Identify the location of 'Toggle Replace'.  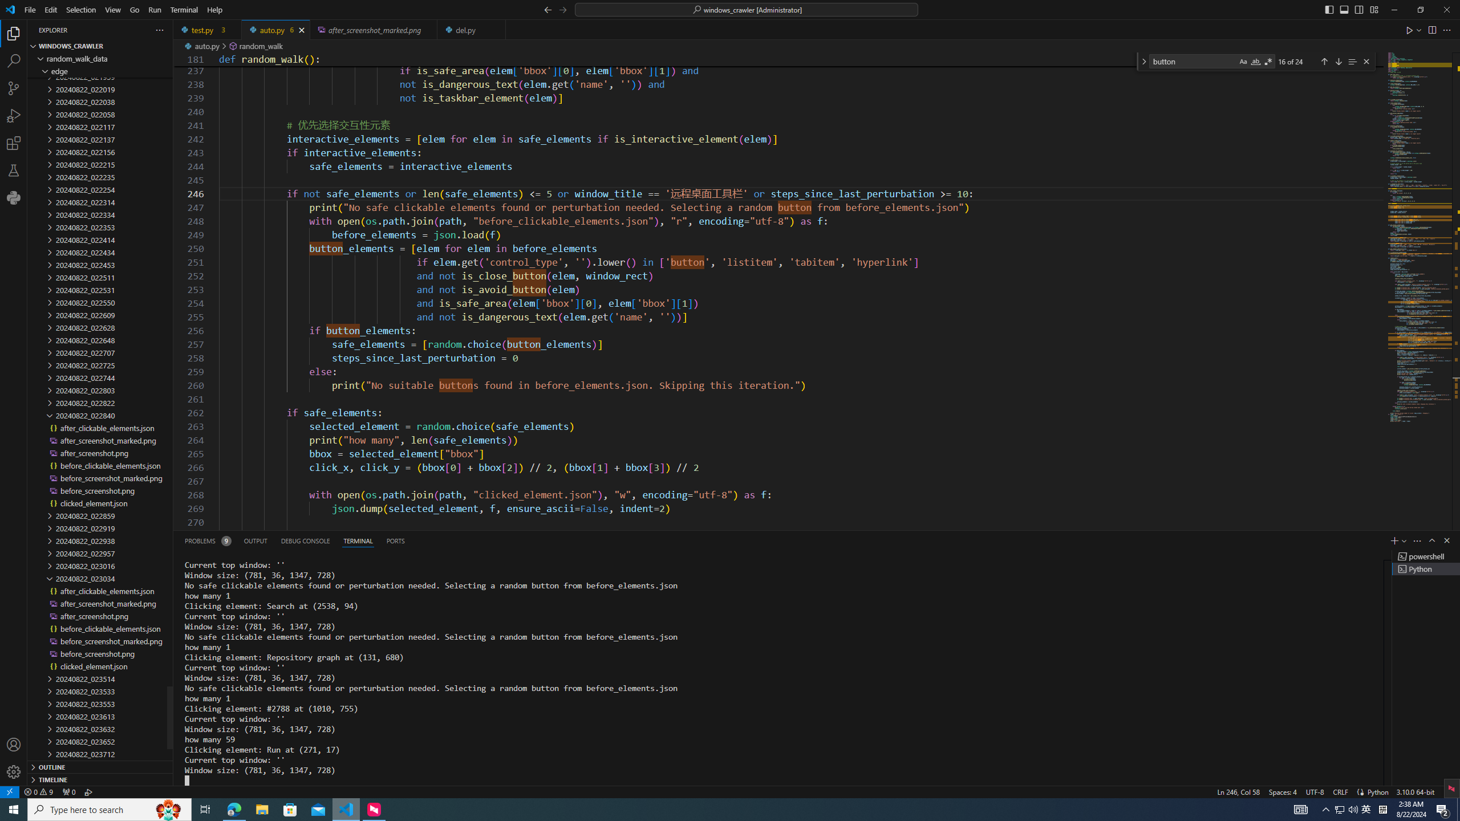
(1143, 61).